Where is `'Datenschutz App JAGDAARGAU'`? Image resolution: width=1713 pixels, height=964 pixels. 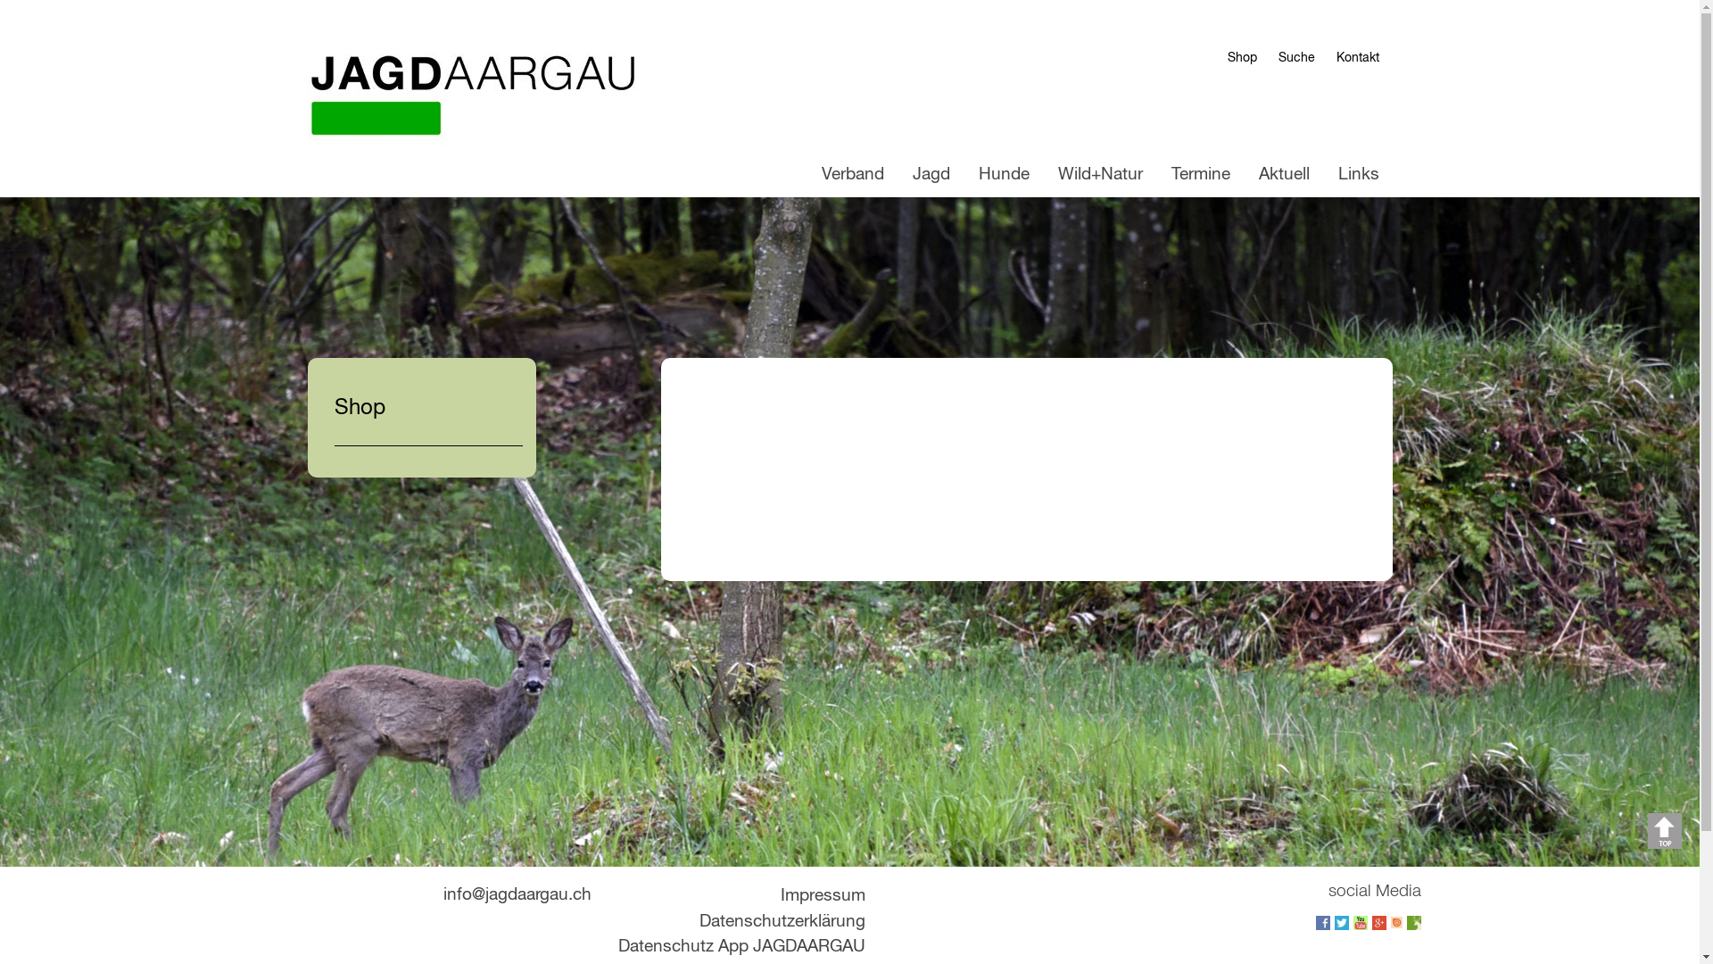
'Datenschutz App JAGDAARGAU' is located at coordinates (741, 945).